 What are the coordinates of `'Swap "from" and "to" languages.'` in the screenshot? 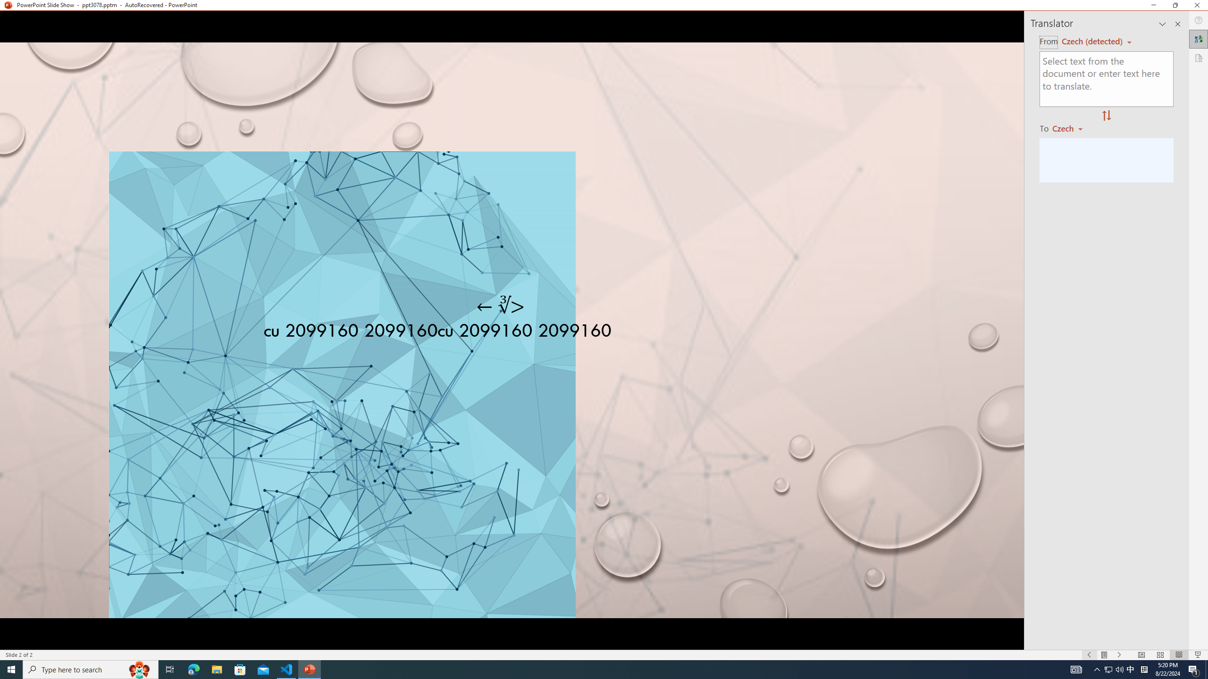 It's located at (1106, 116).